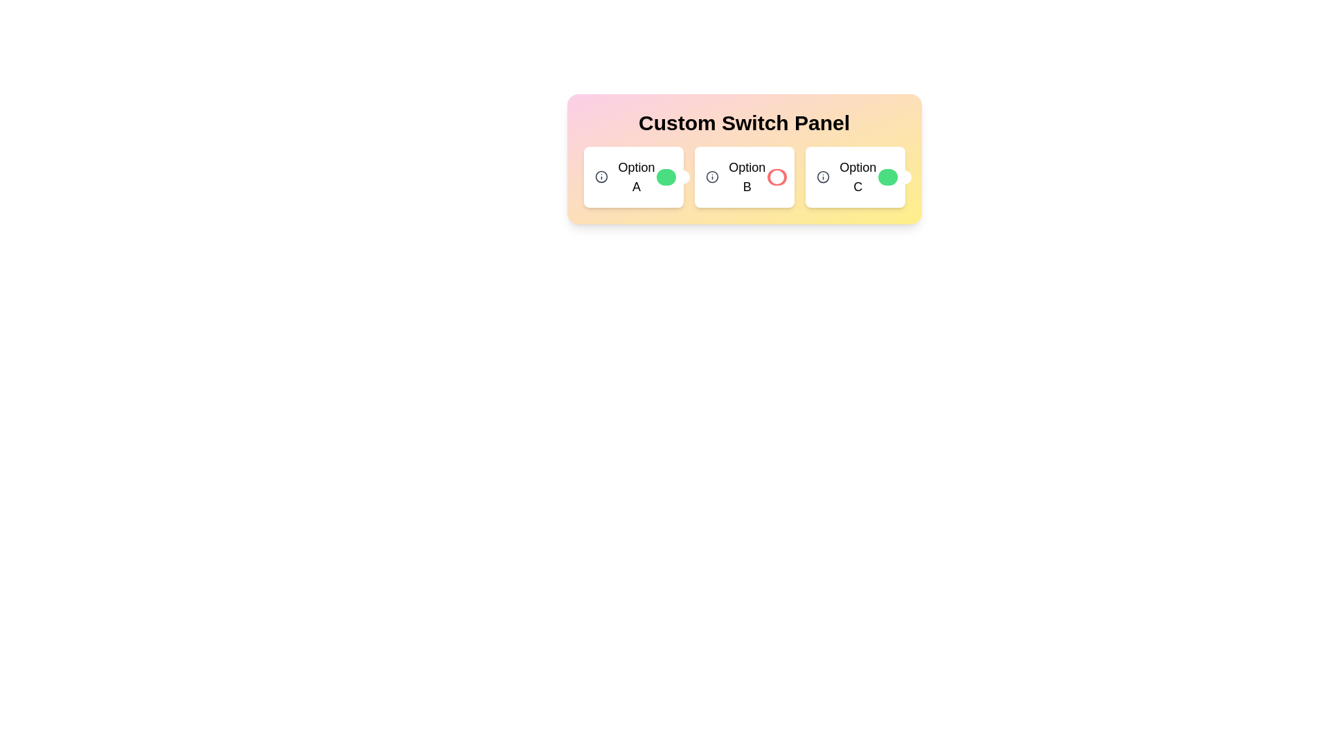 The height and width of the screenshot is (748, 1330). Describe the element at coordinates (823, 176) in the screenshot. I see `the information icon for Option C` at that location.